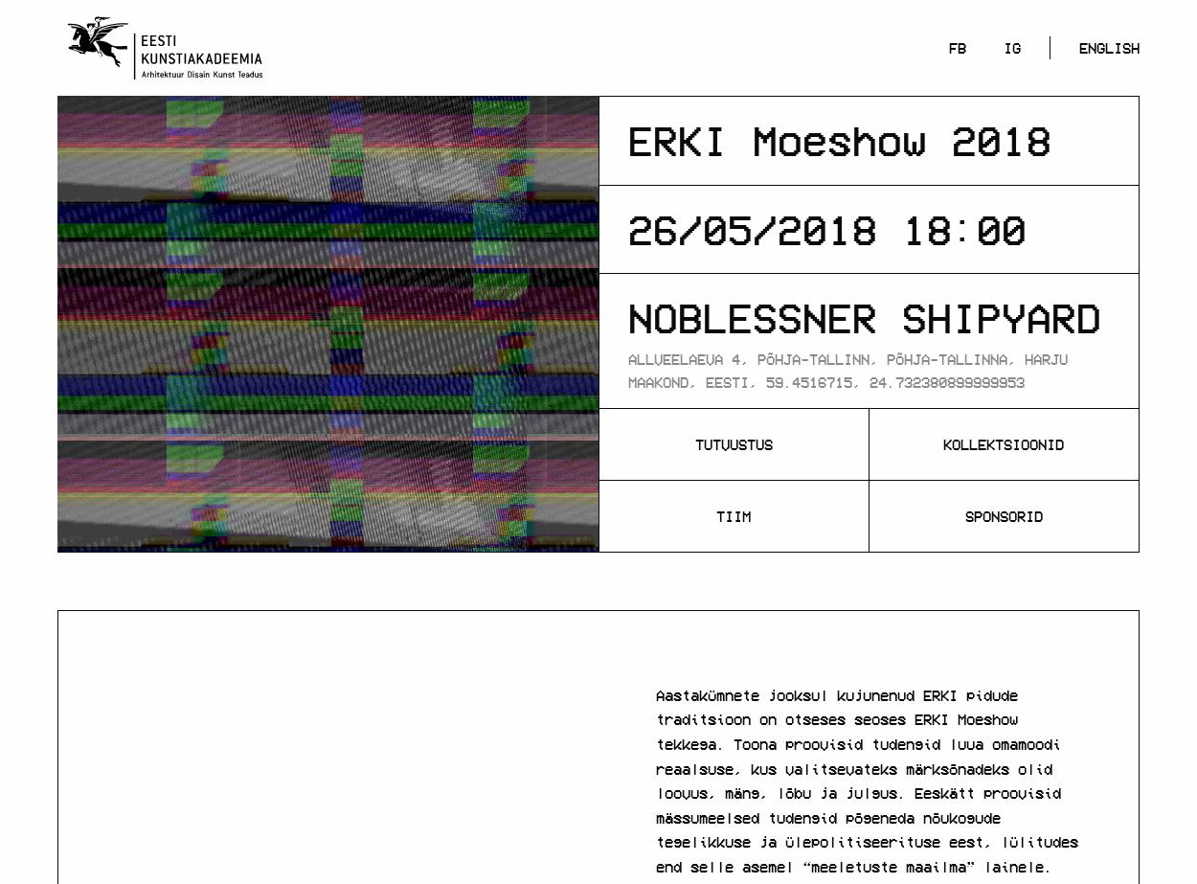 This screenshot has width=1197, height=884. What do you see at coordinates (1003, 514) in the screenshot?
I see `'Sponsorid'` at bounding box center [1003, 514].